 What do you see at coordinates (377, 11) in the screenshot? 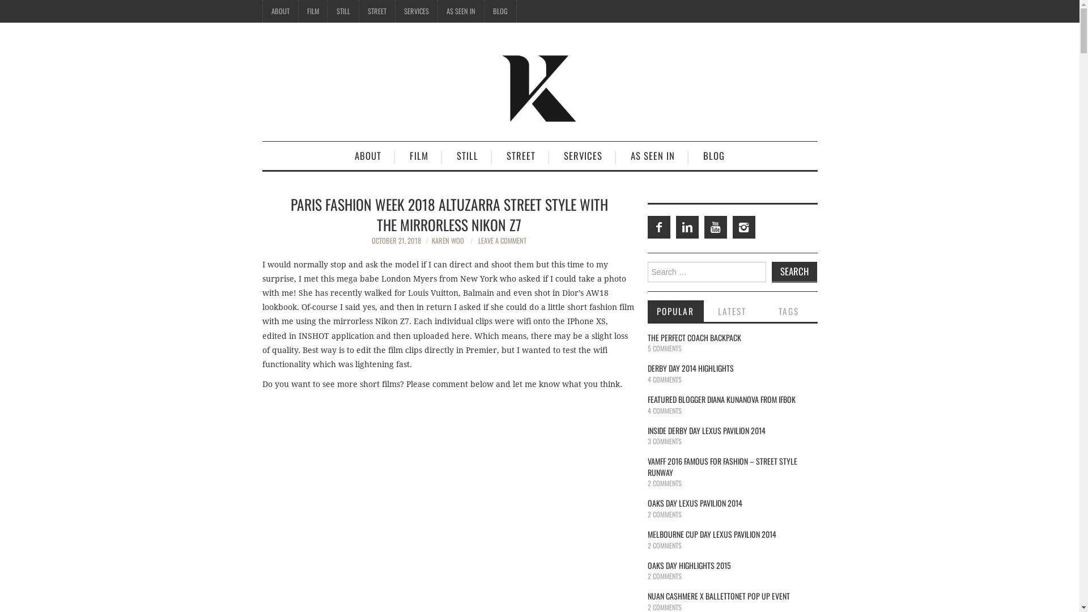
I see `'STREET'` at bounding box center [377, 11].